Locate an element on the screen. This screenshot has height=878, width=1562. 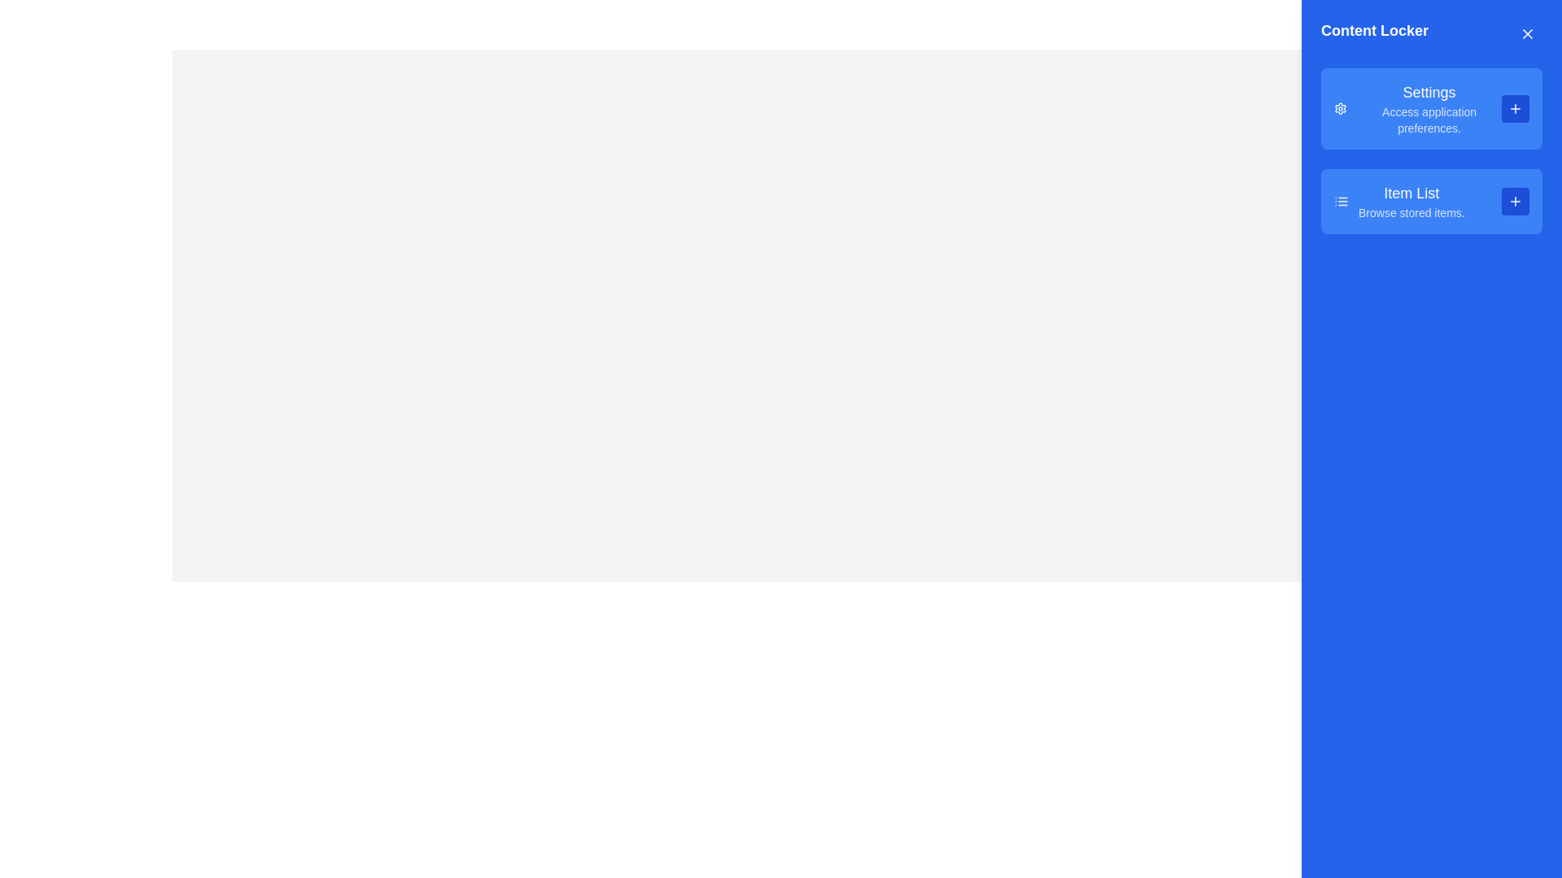
the 'Item List' SVG icon located at the top left corner of the 'Item List' section in the sidebar, adjacent to the 'Item List' text is located at coordinates (1342, 200).